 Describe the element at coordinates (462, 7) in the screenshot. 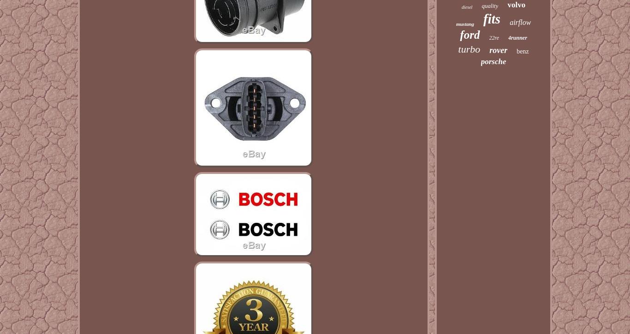

I see `'diesel'` at that location.